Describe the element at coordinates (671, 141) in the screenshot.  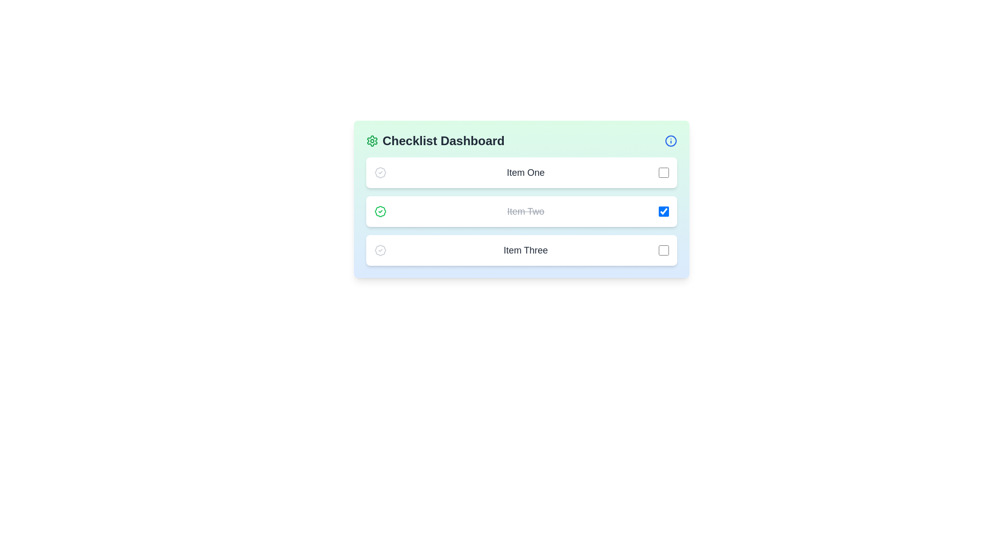
I see `the circular blue information icon located on the rightmost side of the header bar of the Checklist Dashboard` at that location.